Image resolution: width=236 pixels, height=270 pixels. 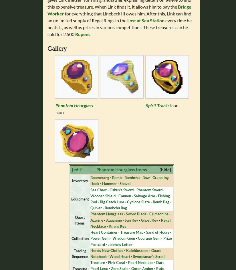 What do you see at coordinates (134, 195) in the screenshot?
I see `'Salvage Arm'` at bounding box center [134, 195].